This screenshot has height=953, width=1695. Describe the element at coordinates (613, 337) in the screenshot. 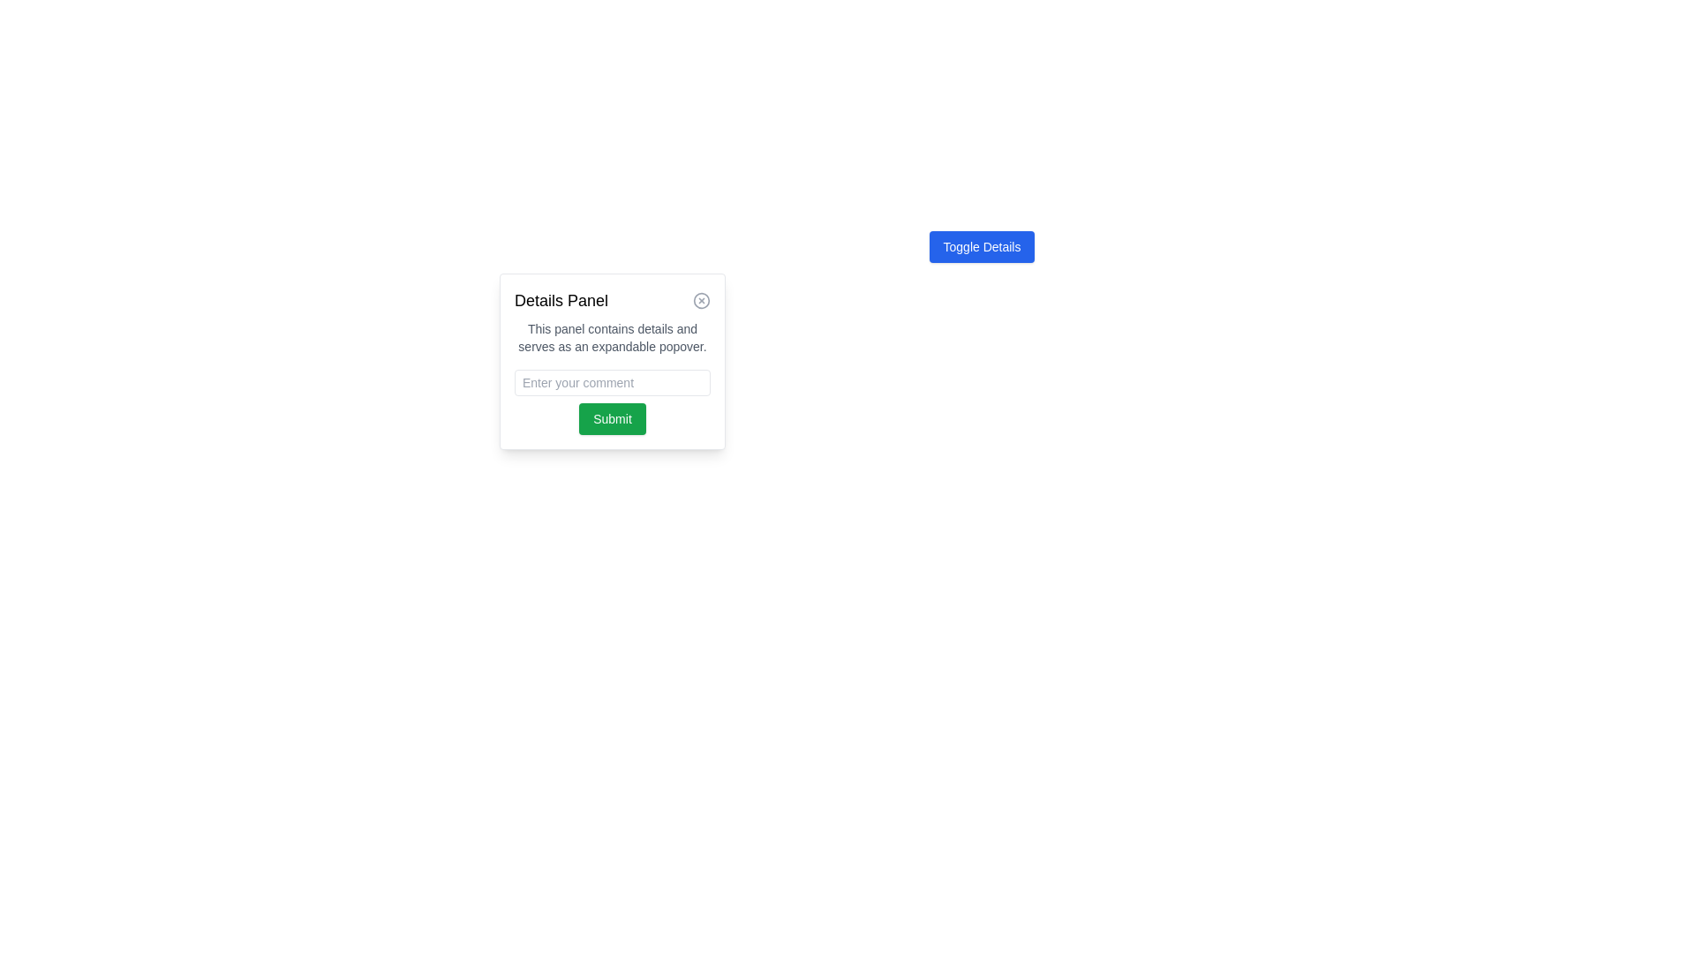

I see `the text label displaying 'This panel contains details and serves as an expandable popover.' located in the middle section of the white modal dialog, below the title 'Details Panel.'` at that location.